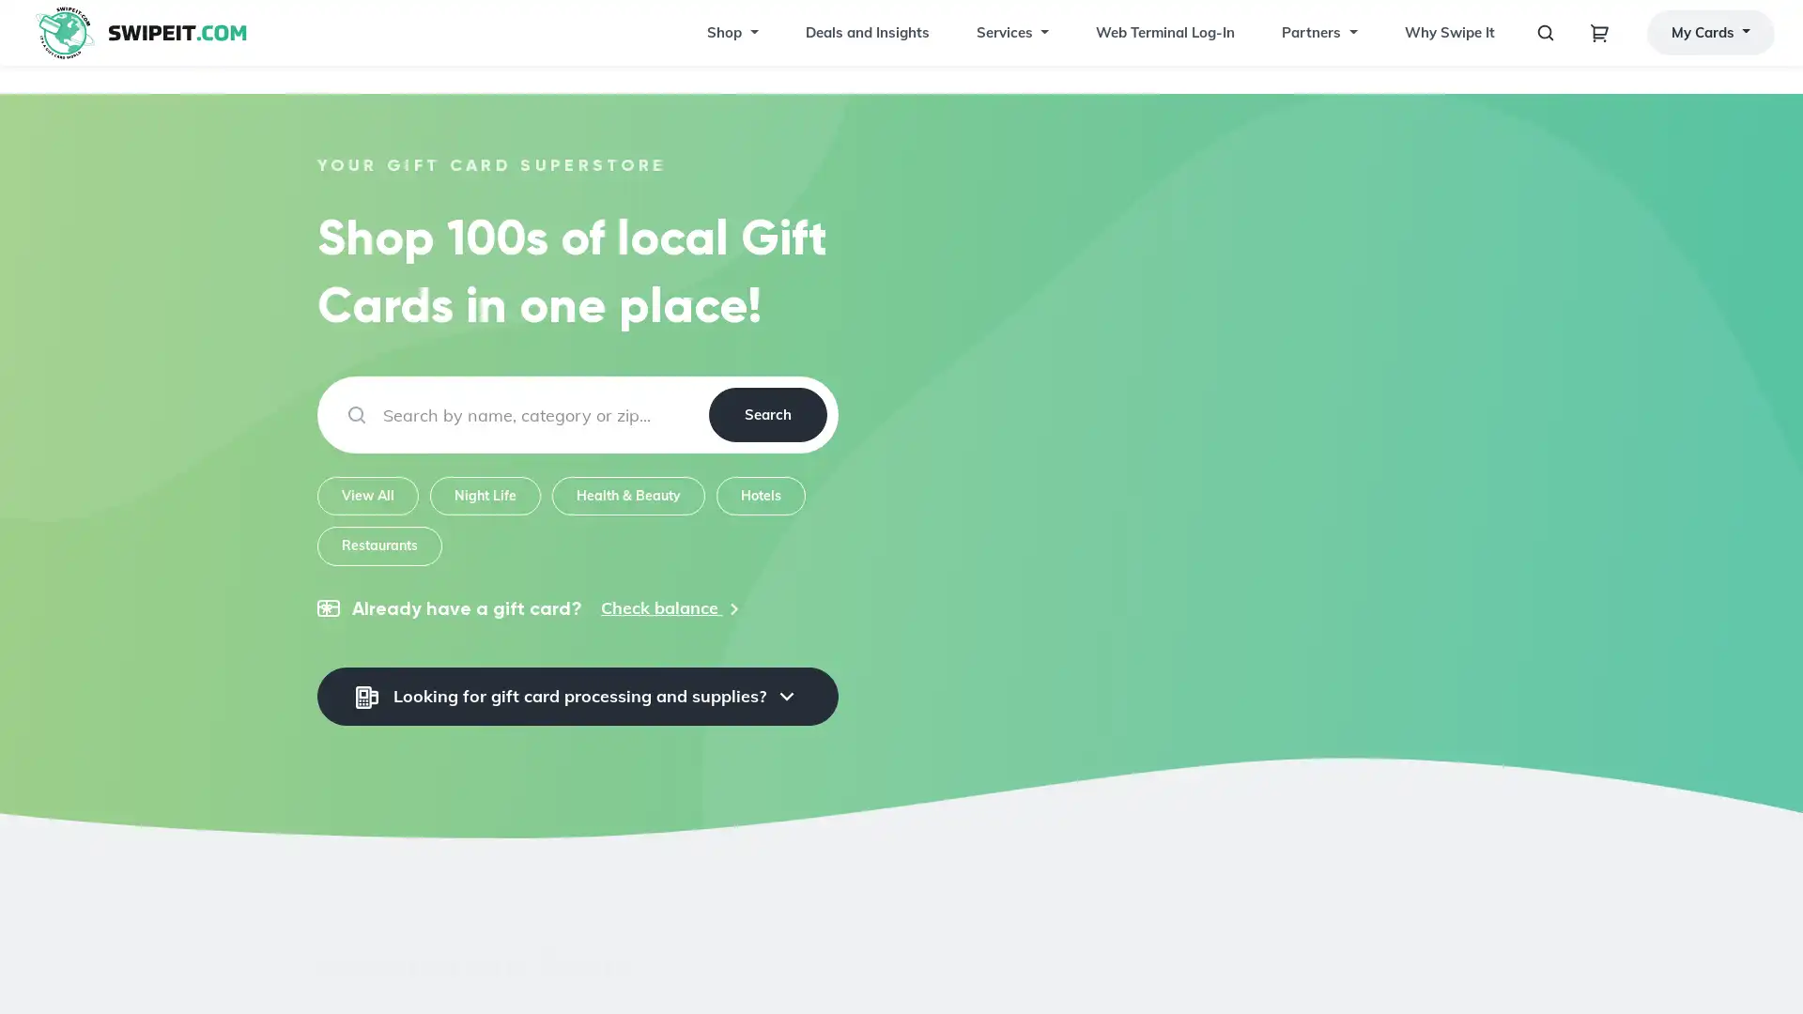  I want to click on Search, so click(766, 414).